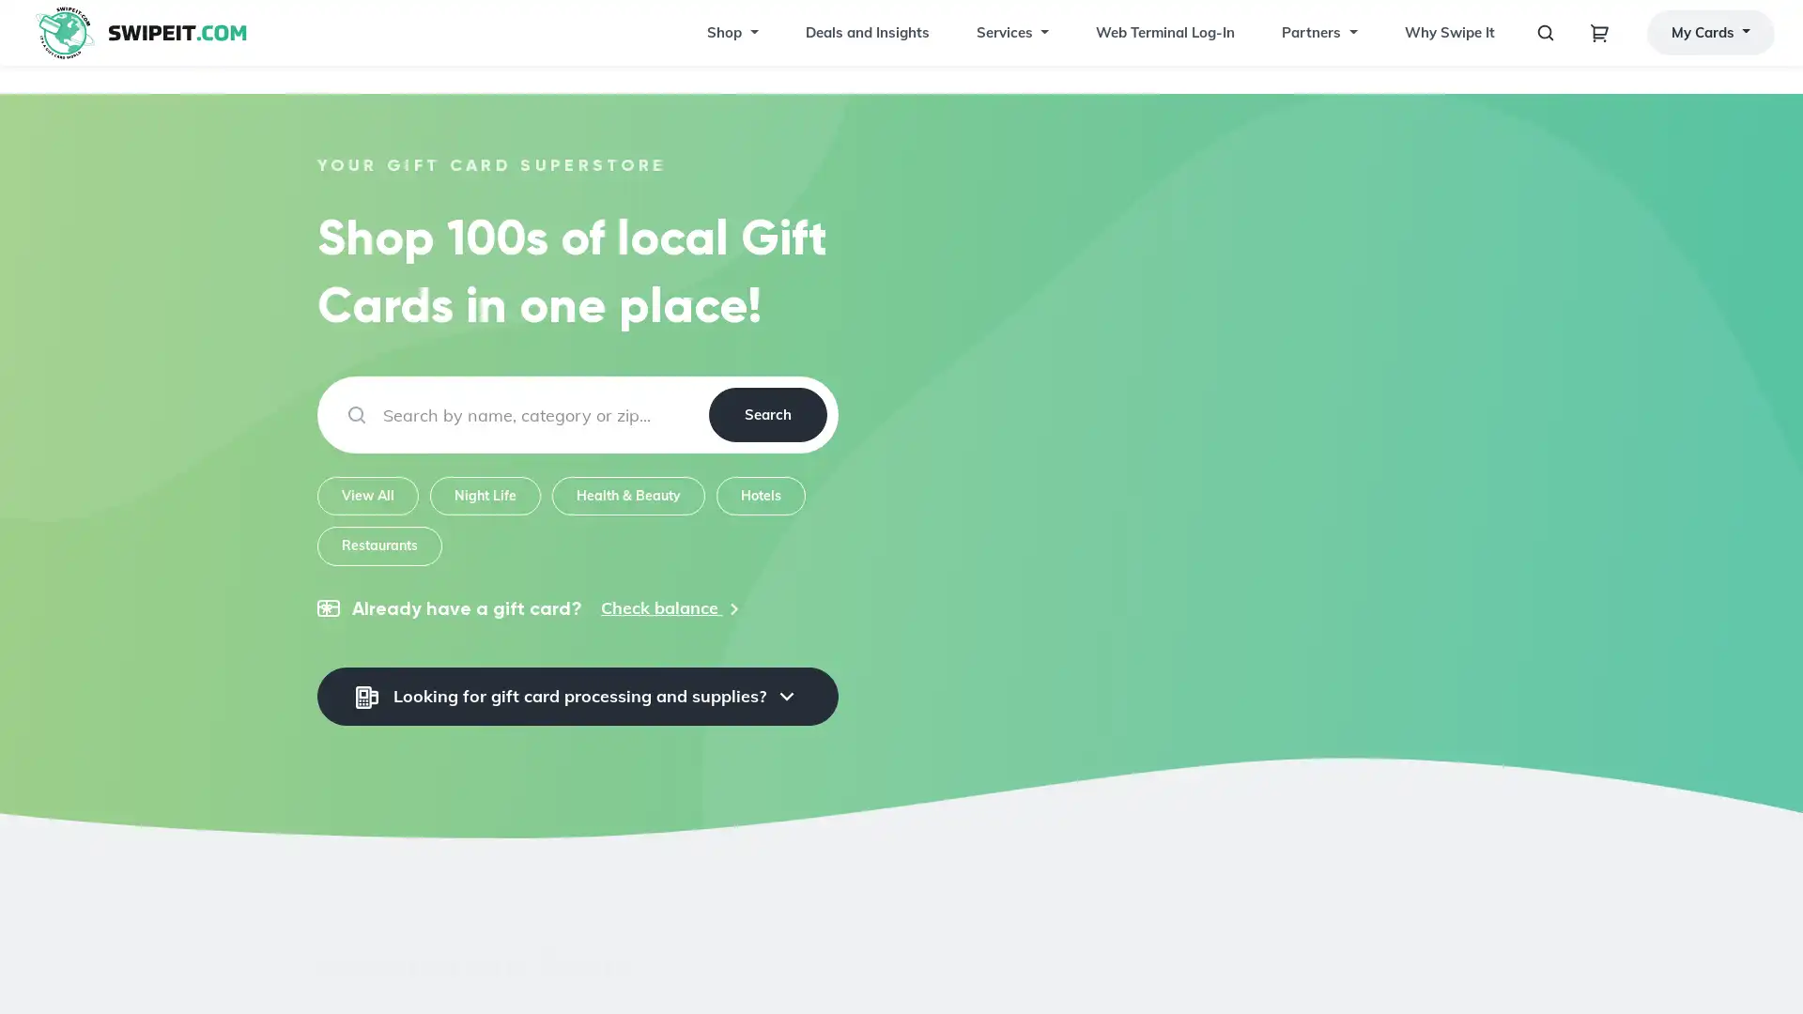  I want to click on Search, so click(766, 414).